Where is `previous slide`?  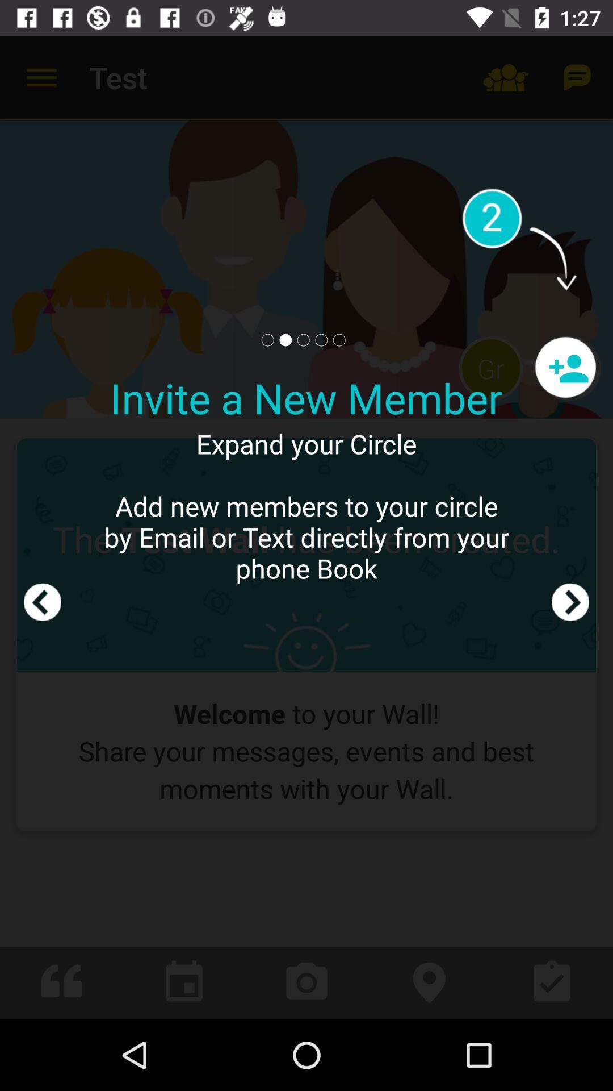 previous slide is located at coordinates (41, 527).